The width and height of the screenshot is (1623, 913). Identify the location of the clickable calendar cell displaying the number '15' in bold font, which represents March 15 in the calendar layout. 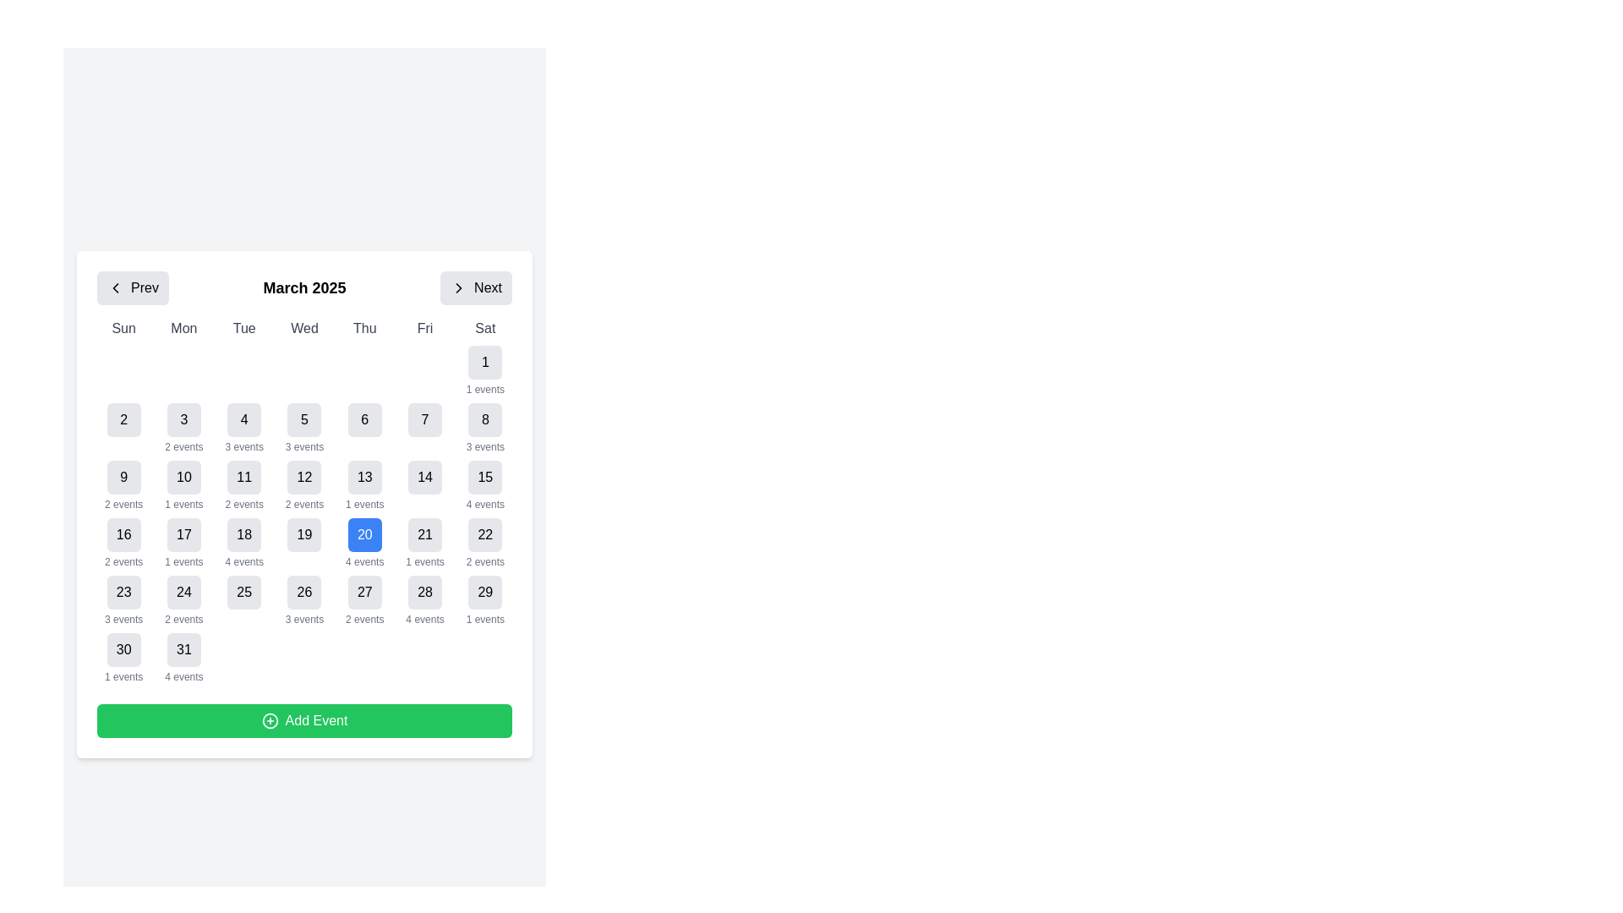
(484, 485).